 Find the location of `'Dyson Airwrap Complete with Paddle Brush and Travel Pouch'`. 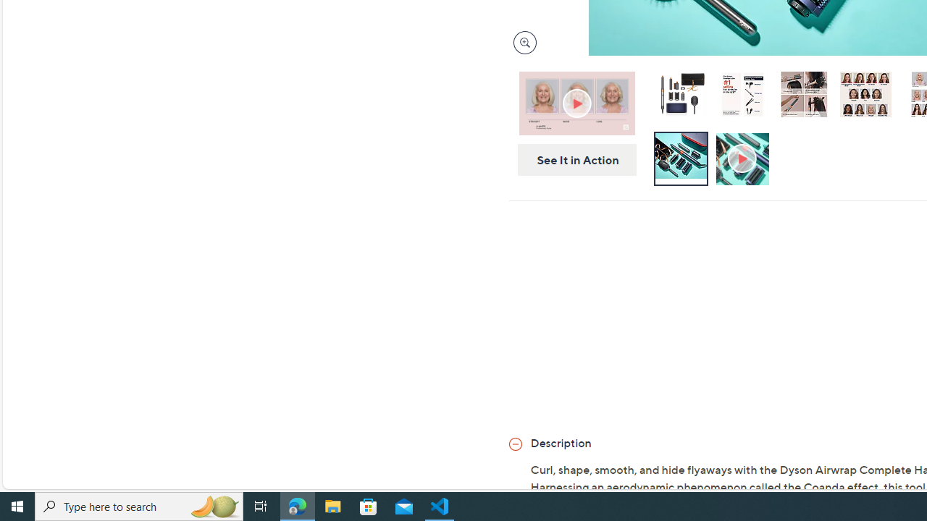

'Dyson Airwrap Complete with Paddle Brush and Travel Pouch' is located at coordinates (679, 93).